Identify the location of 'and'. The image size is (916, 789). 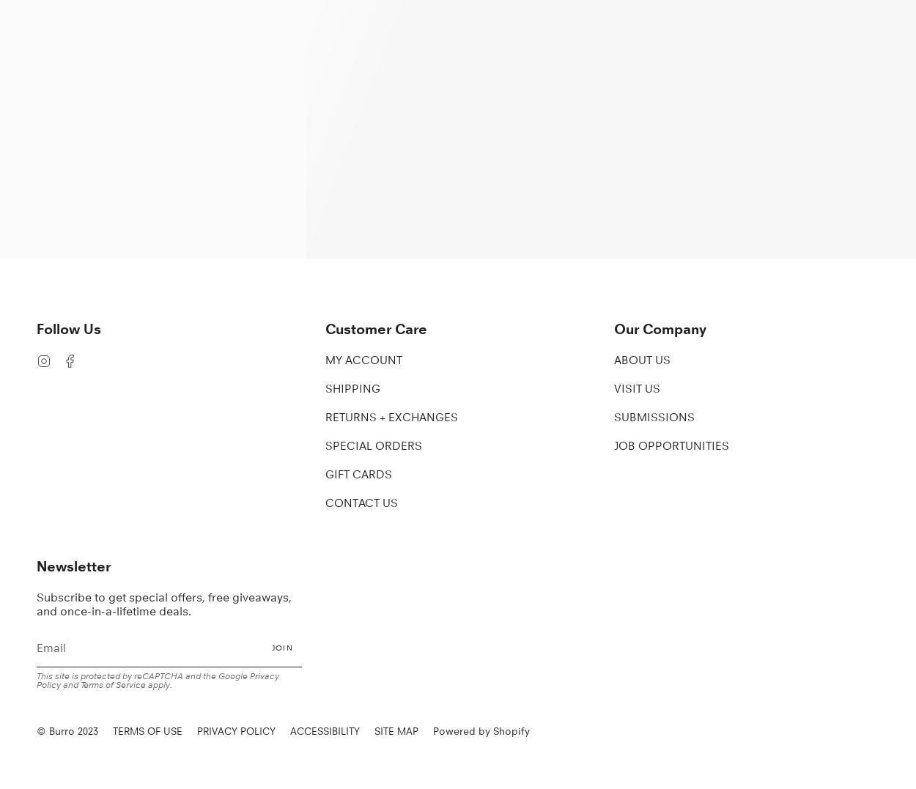
(70, 683).